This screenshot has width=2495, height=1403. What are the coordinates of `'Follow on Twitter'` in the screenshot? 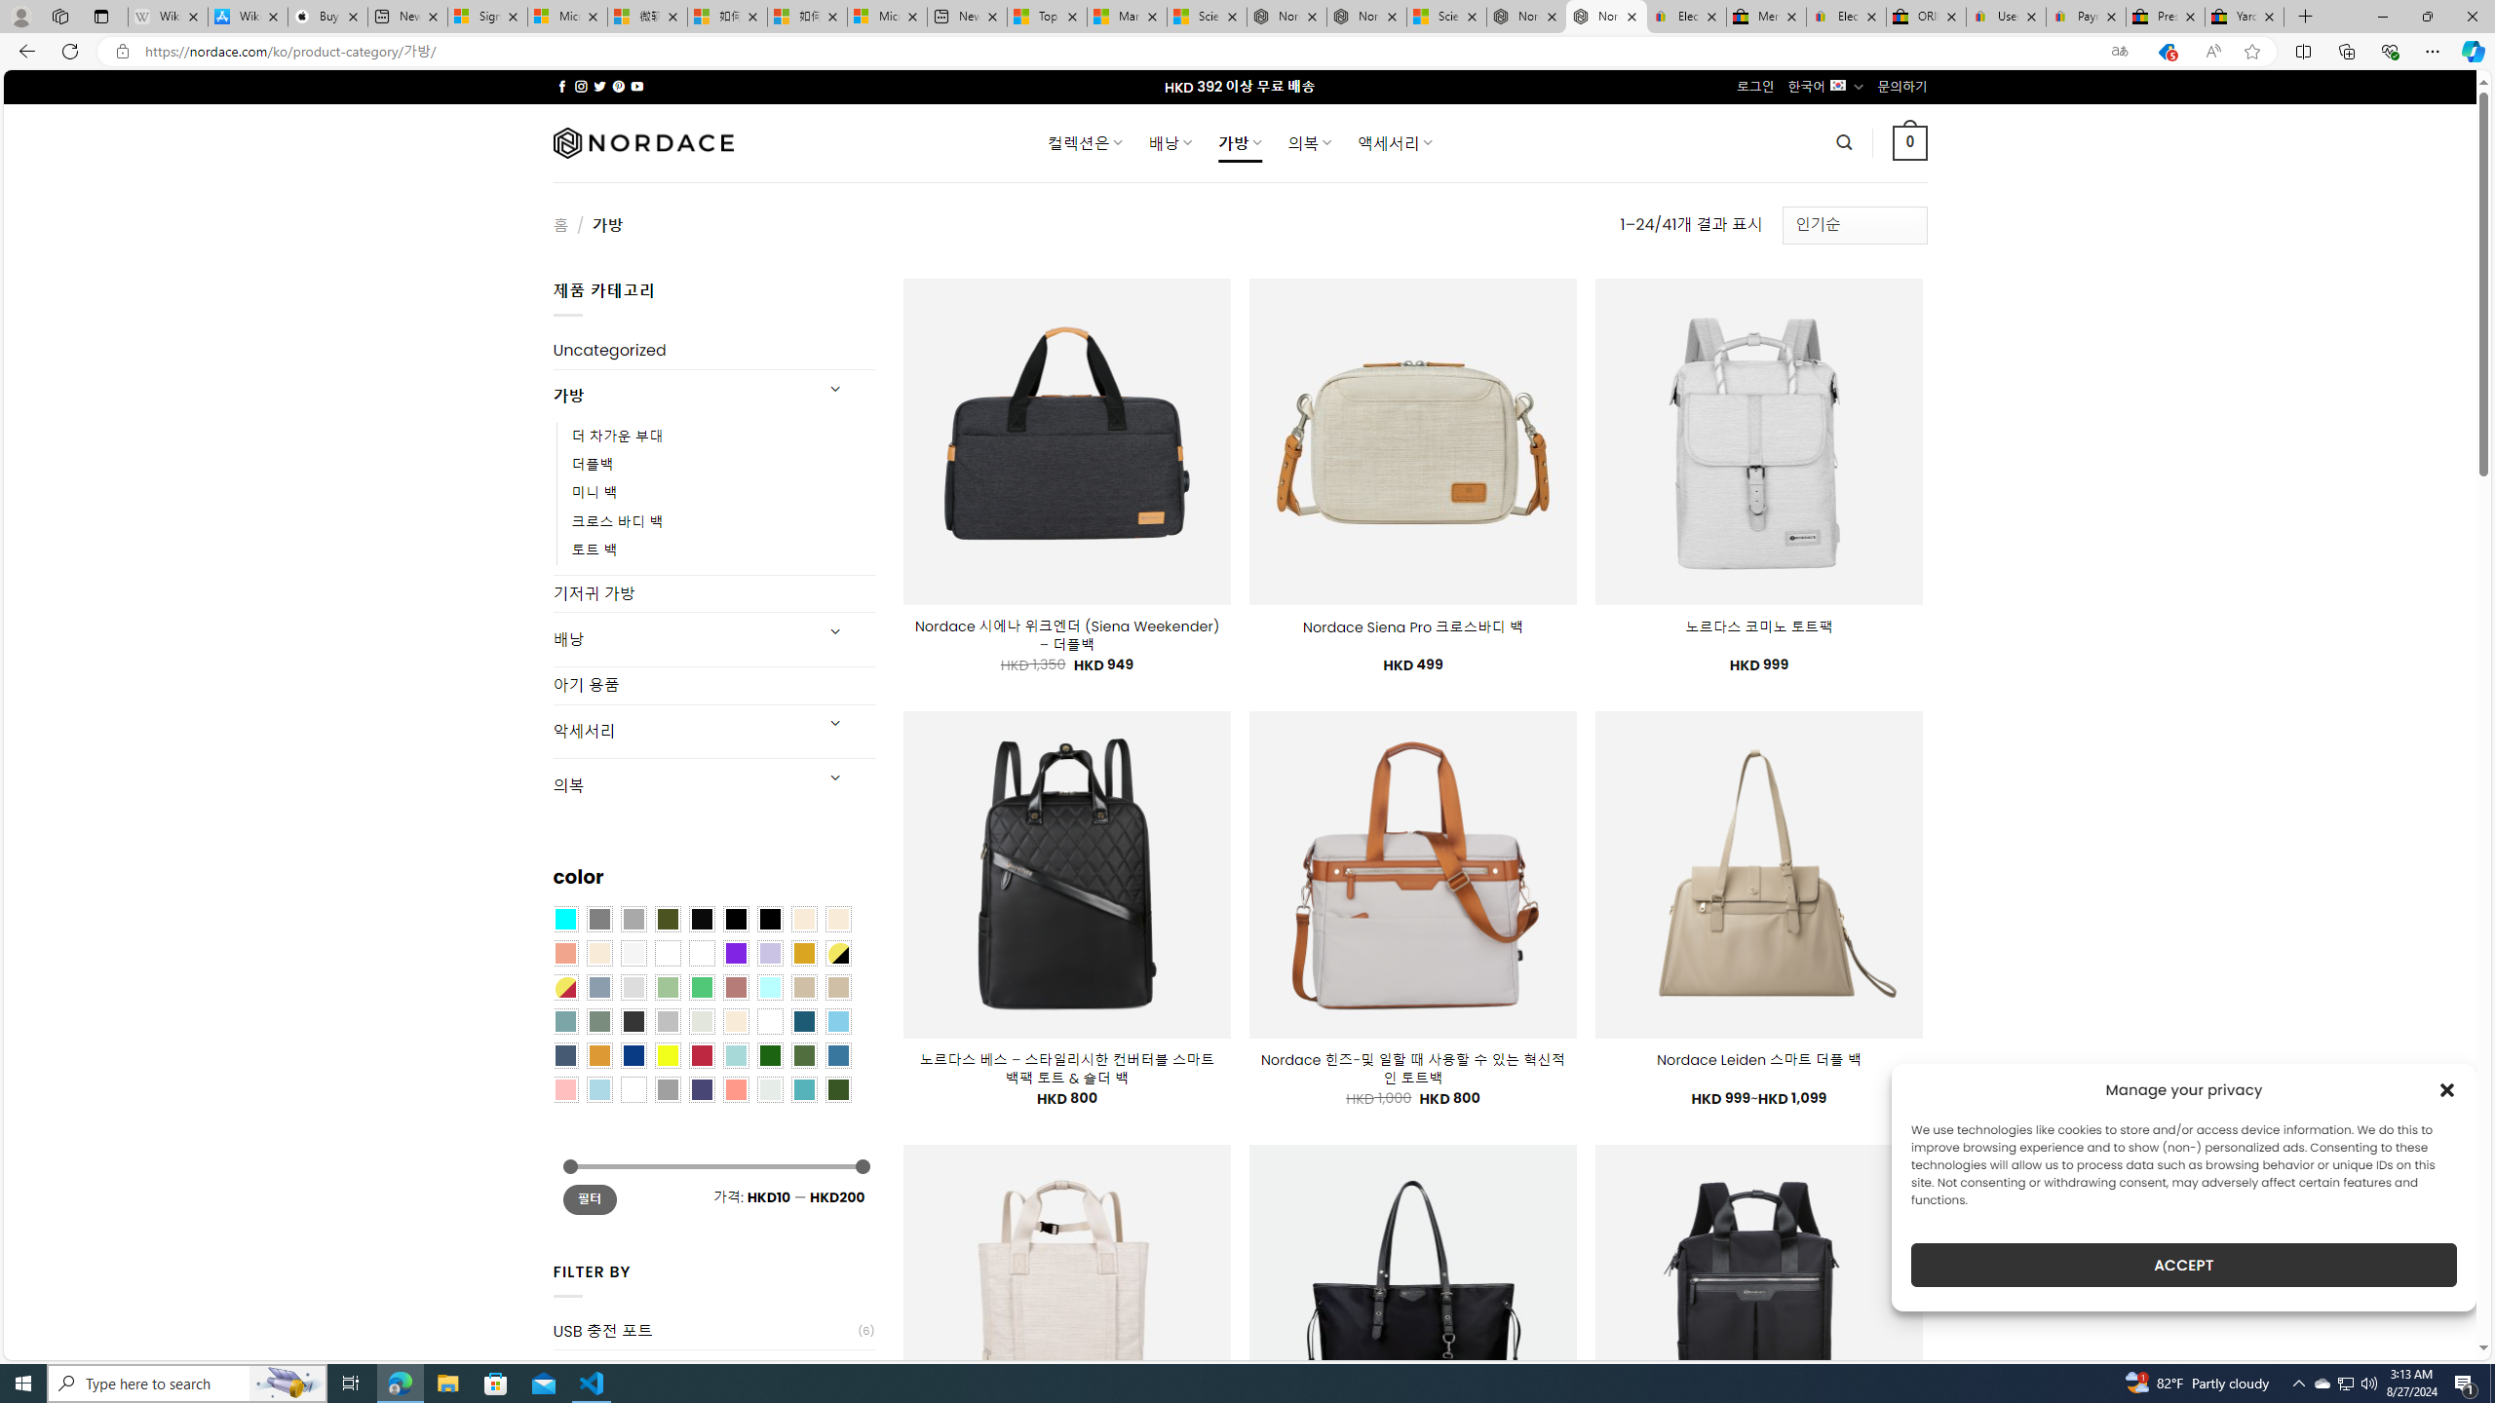 It's located at (599, 86).